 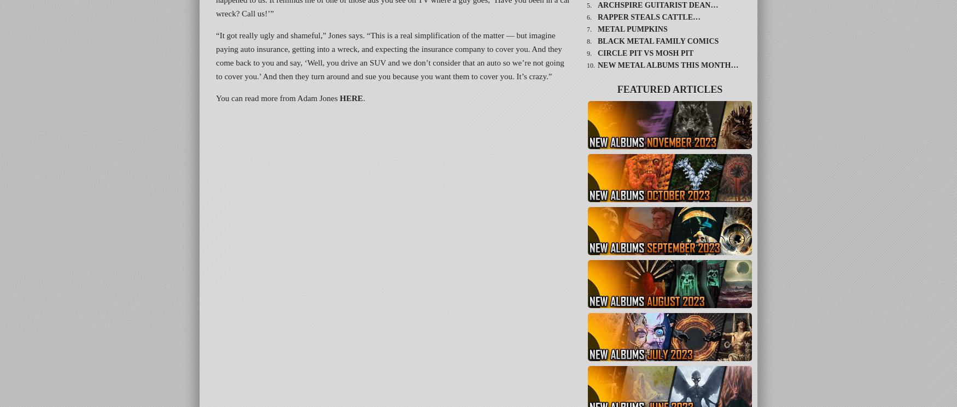 I want to click on 'You can read more from Adam Jones', so click(x=277, y=97).